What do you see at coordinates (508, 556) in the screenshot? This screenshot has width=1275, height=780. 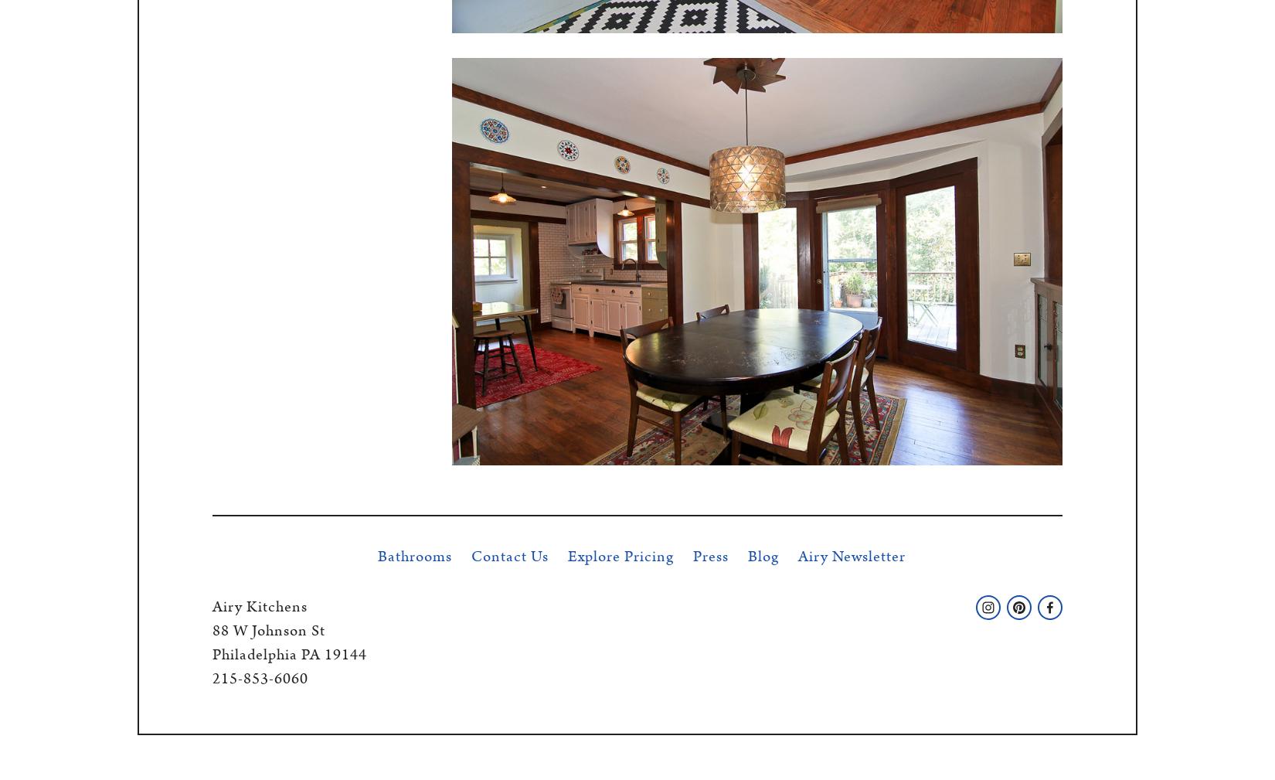 I see `'Contact Us'` at bounding box center [508, 556].